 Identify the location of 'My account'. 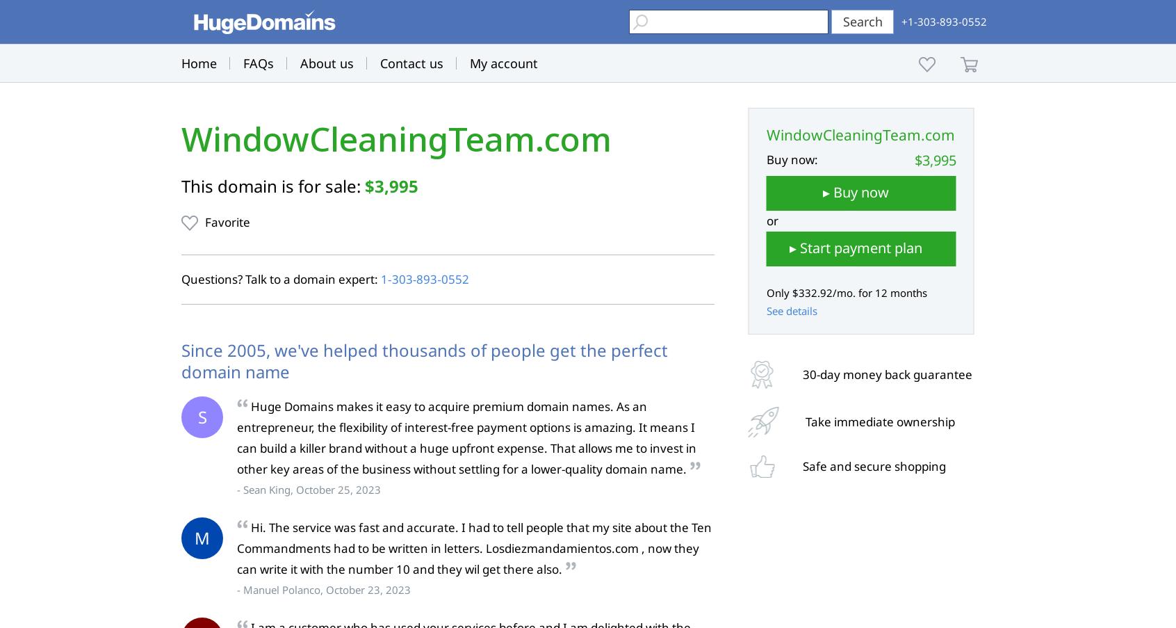
(503, 63).